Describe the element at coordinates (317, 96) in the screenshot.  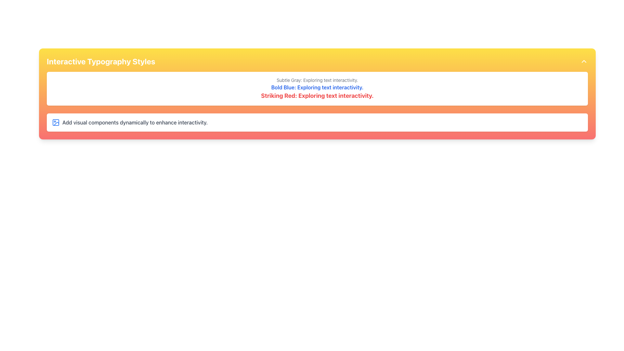
I see `the text element that reads 'Striking Red: Exploring text interactivity.' which is styled in bold with a large font size and vibrant red color, located below the text 'Bold Blue: Exploring text interactivity.'` at that location.